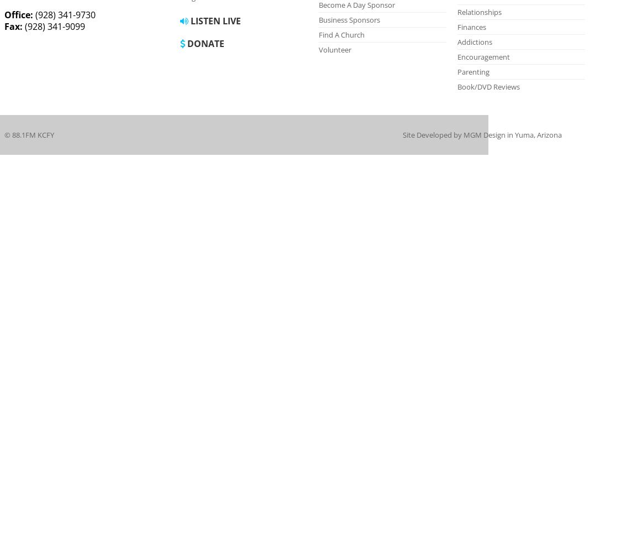 The height and width of the screenshot is (553, 621). What do you see at coordinates (471, 27) in the screenshot?
I see `'Finances'` at bounding box center [471, 27].